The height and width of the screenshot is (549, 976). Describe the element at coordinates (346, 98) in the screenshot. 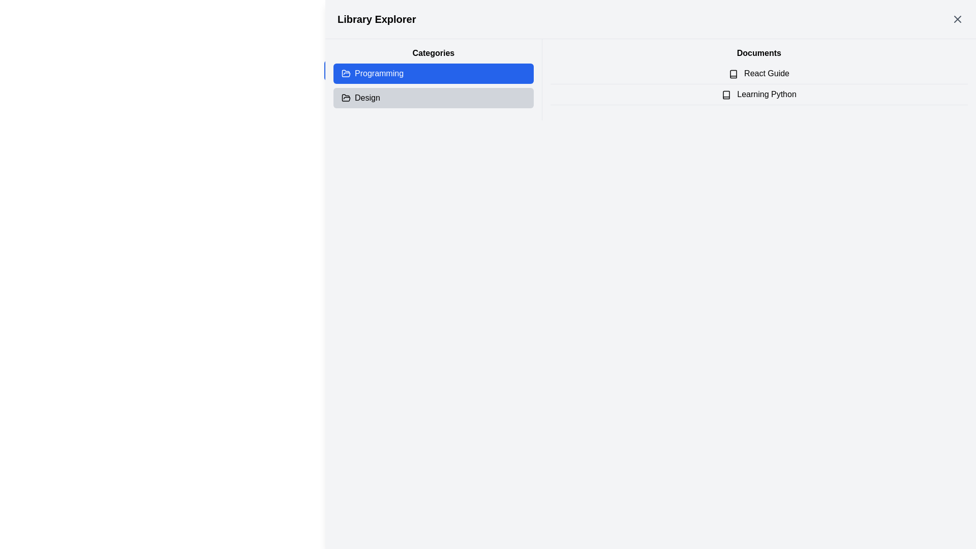

I see `the folder icon that is part of the 'Design' menu item, located in the left panel under the 'Categories' header` at that location.